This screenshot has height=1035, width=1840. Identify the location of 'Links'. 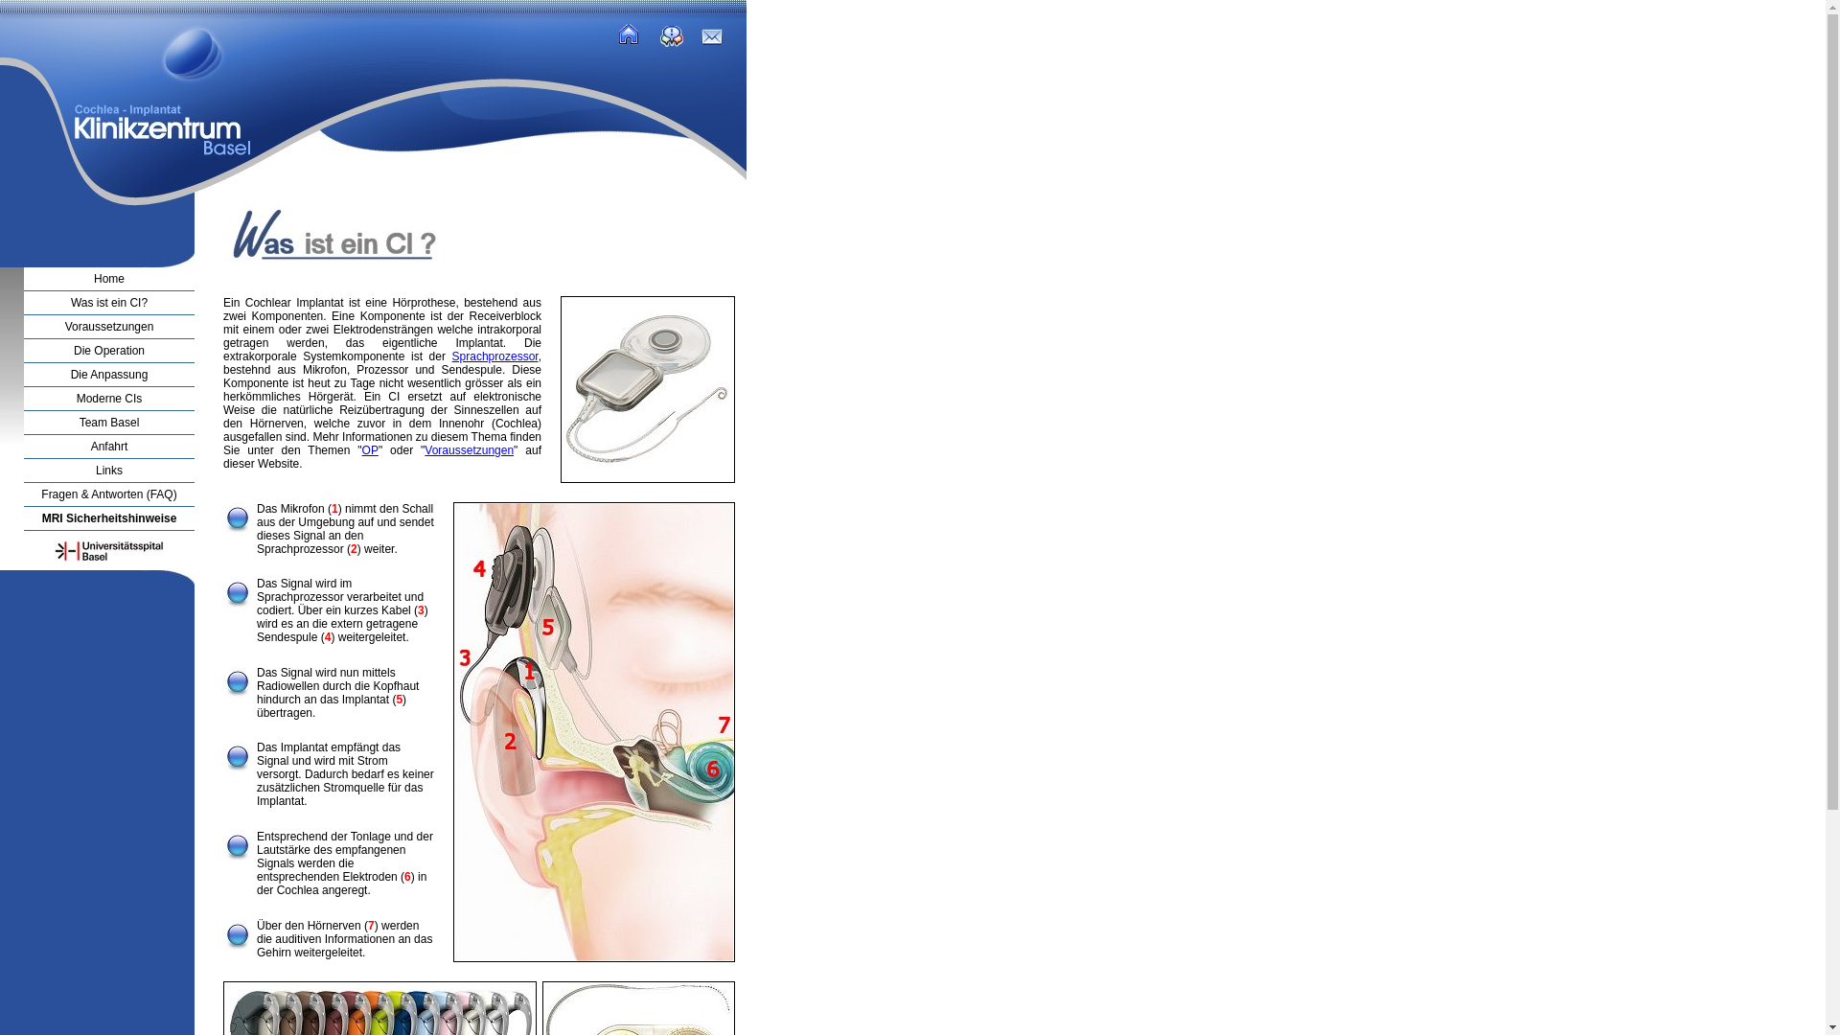
(108, 470).